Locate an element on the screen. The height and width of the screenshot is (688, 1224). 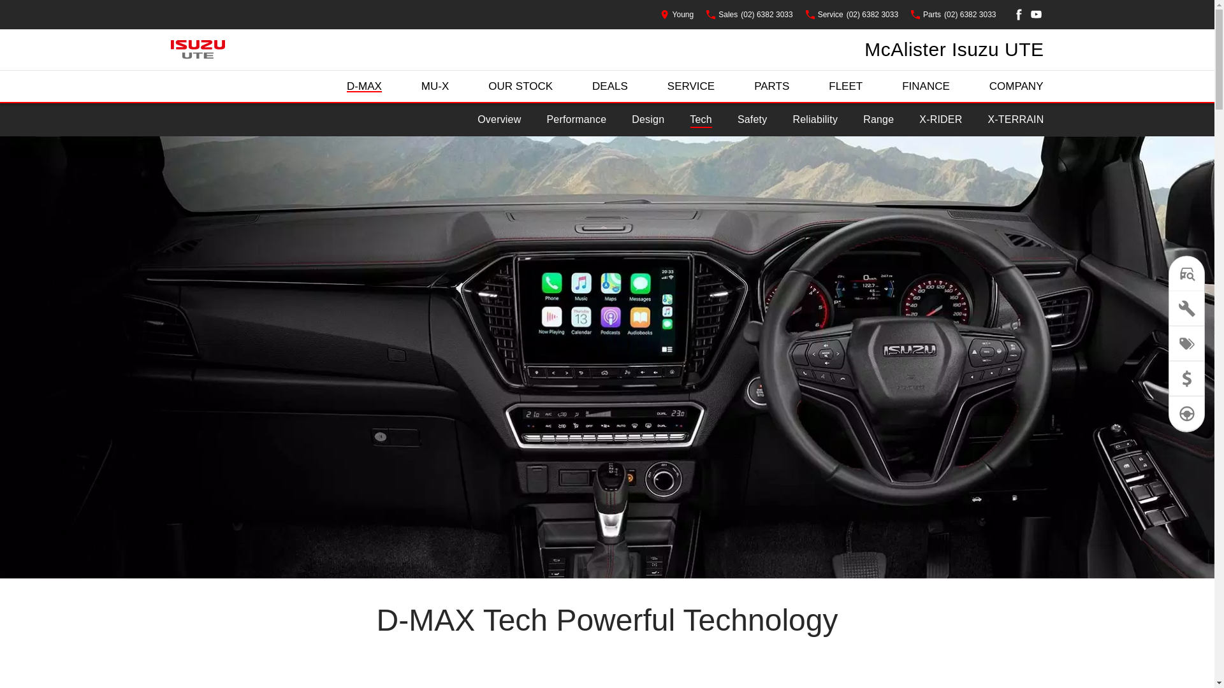
'Performance' is located at coordinates (575, 120).